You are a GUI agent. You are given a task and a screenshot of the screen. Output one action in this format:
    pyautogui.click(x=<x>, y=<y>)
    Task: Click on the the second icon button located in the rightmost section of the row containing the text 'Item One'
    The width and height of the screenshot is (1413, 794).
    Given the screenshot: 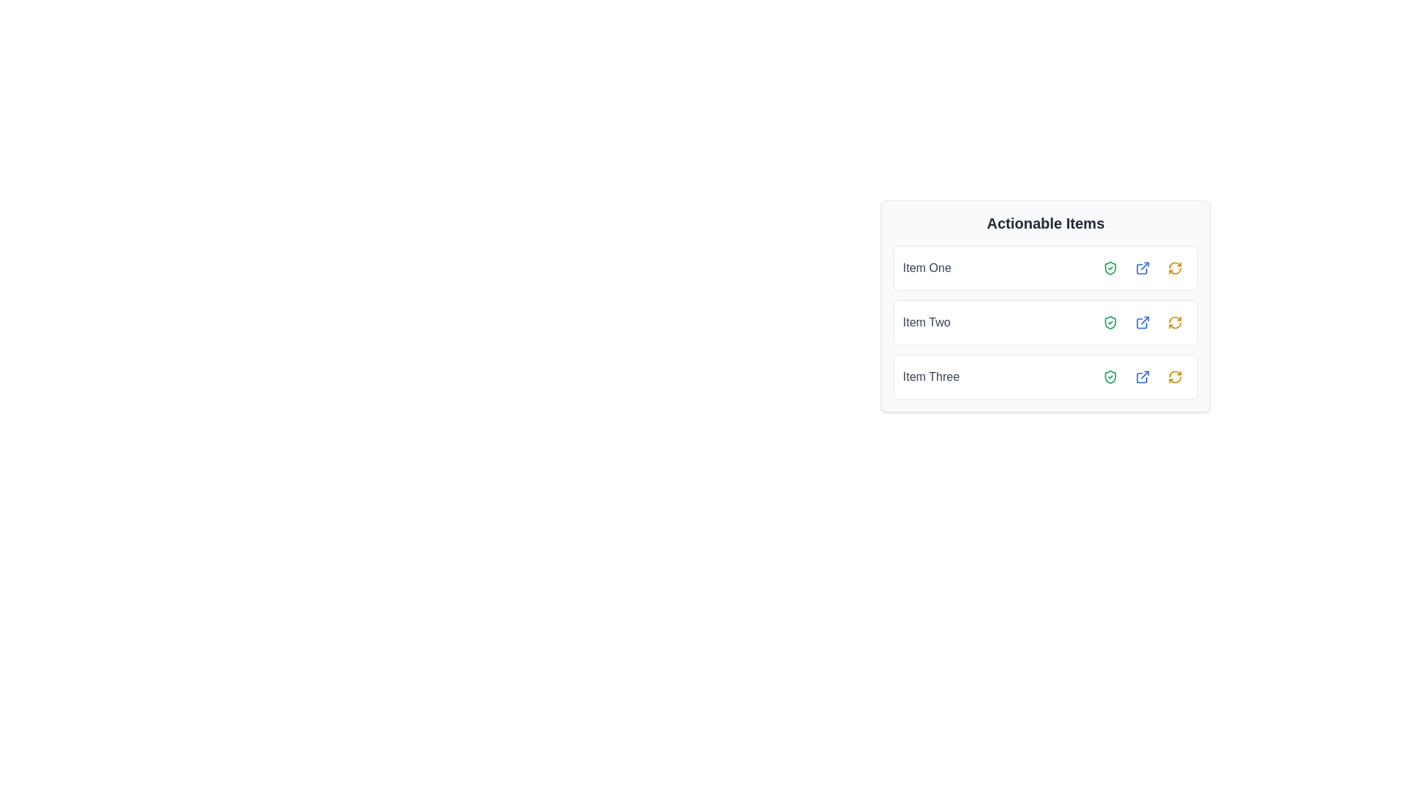 What is the action you would take?
    pyautogui.click(x=1142, y=268)
    